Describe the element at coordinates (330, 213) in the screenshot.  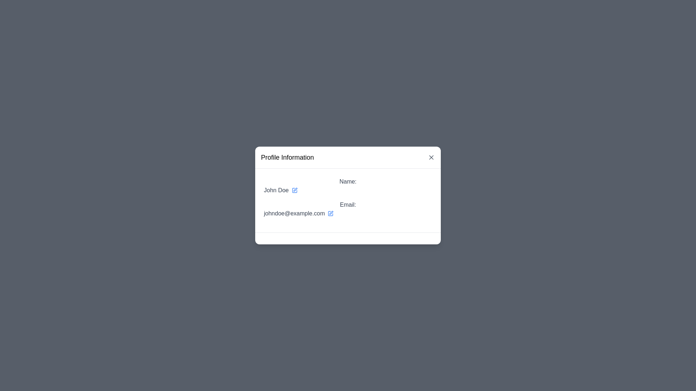
I see `the edit button located to the right of the email text 'johndoe@example.com' in the 'Profile Information' dialog box to initiate the edit functionality` at that location.